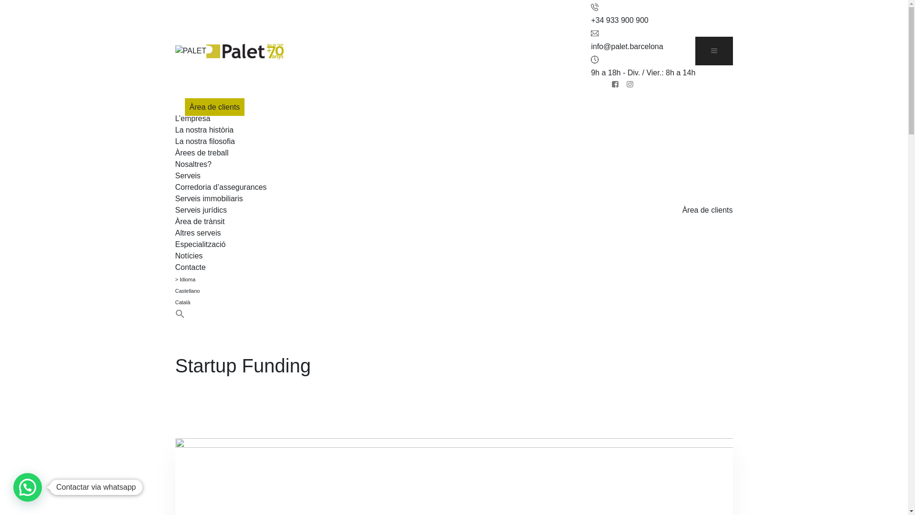 The image size is (915, 515). What do you see at coordinates (190, 267) in the screenshot?
I see `'Contacte'` at bounding box center [190, 267].